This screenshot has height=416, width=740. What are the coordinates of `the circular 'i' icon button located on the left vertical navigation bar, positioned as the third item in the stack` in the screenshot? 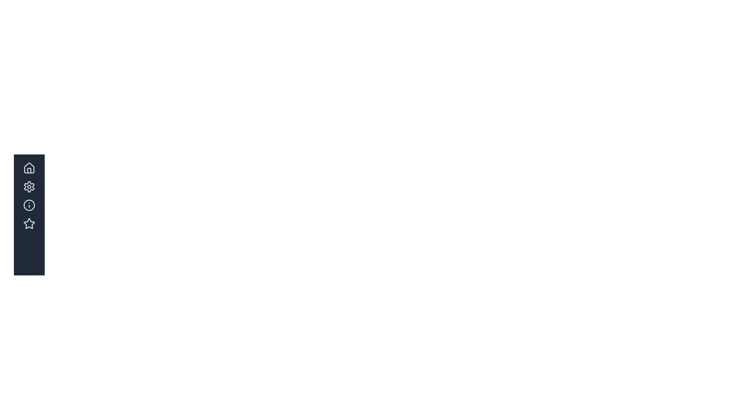 It's located at (29, 205).